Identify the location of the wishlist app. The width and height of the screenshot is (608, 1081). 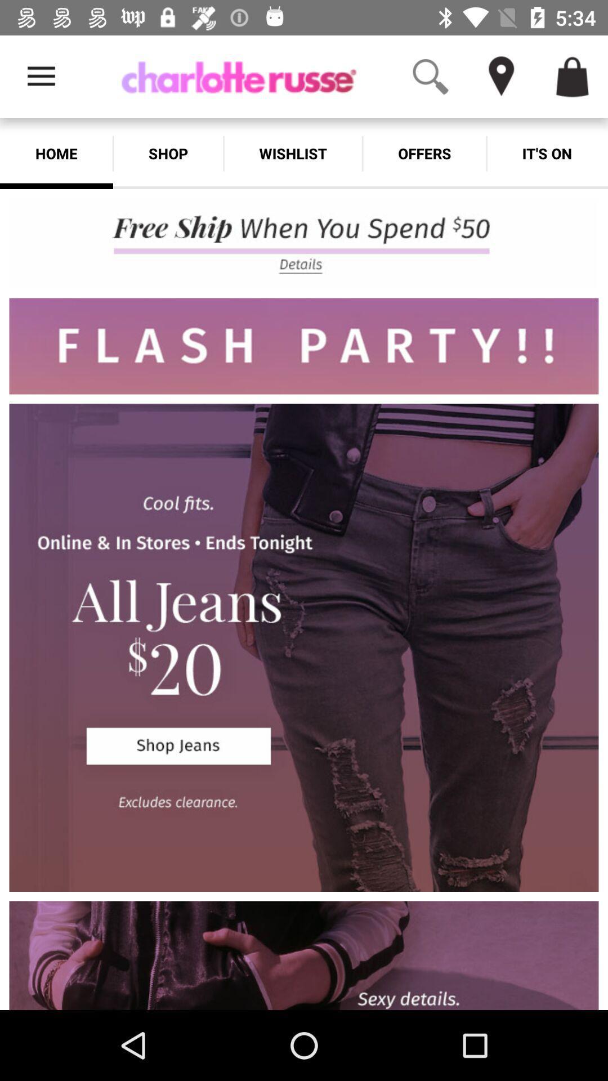
(292, 153).